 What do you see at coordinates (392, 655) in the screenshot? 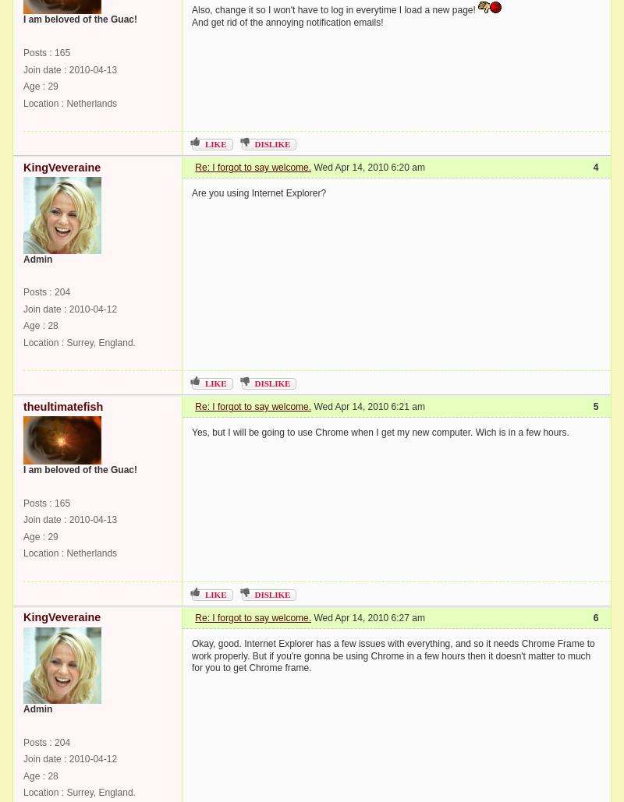
I see `'Okay, good. Internet Explorer has a few issues with everything, and so it needs Chrome Frame to work properly. But if you're gonna be using Chrome in a few hours then it doesn't matter to much for you to get Chrome frame.'` at bounding box center [392, 655].